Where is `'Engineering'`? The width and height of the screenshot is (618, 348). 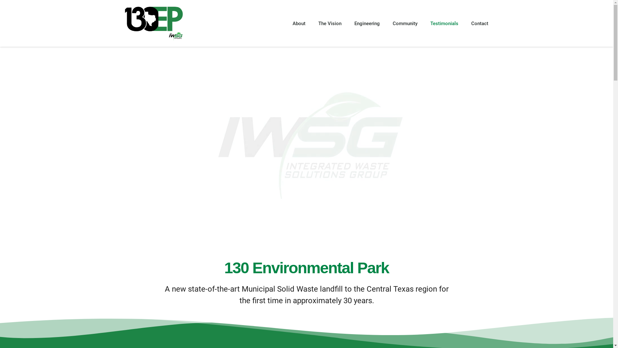 'Engineering' is located at coordinates (367, 23).